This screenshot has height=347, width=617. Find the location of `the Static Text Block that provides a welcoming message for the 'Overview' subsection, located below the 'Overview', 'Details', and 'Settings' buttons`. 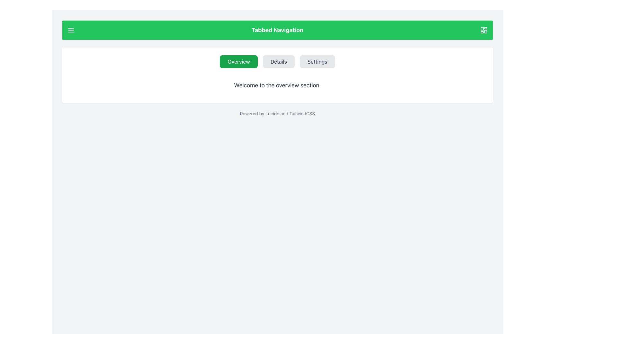

the Static Text Block that provides a welcoming message for the 'Overview' subsection, located below the 'Overview', 'Details', and 'Settings' buttons is located at coordinates (277, 85).